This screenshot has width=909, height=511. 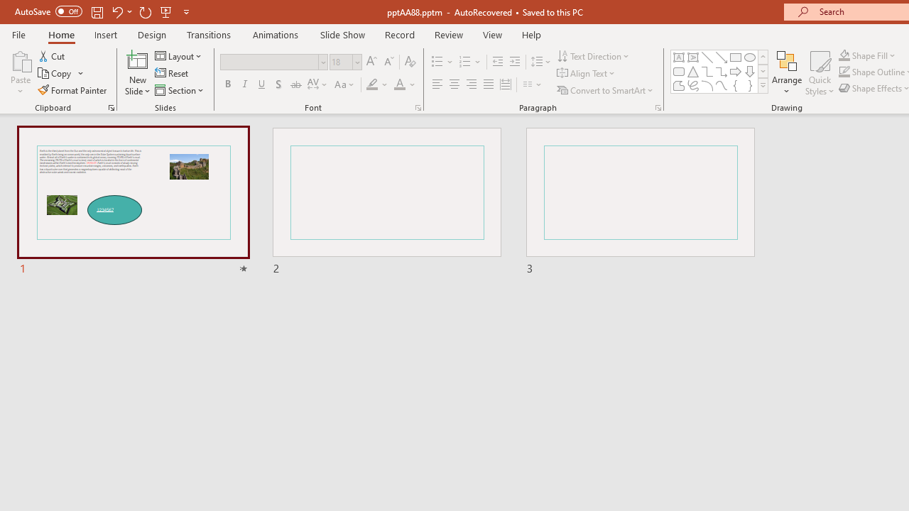 I want to click on 'Layout', so click(x=178, y=55).